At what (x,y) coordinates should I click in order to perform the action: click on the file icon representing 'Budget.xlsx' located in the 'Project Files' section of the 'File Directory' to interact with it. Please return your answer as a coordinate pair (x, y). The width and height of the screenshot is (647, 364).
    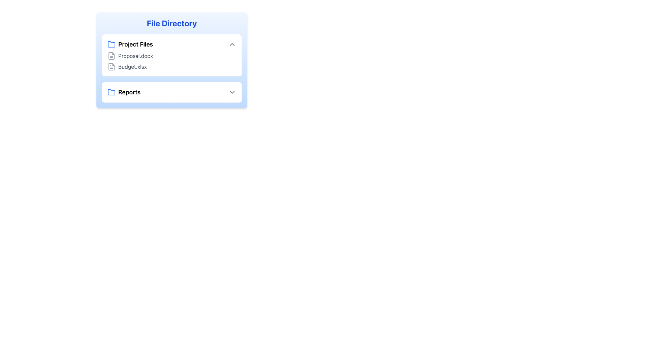
    Looking at the image, I should click on (112, 66).